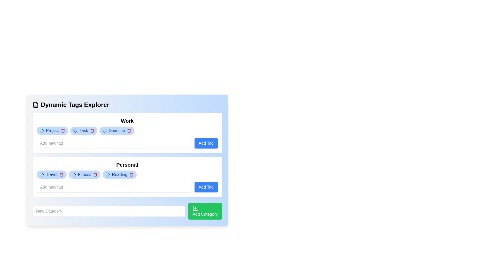  Describe the element at coordinates (131, 174) in the screenshot. I see `the red trash icon delete button located next to the 'Reading' tag under the 'Personal' category to potentially see additional effects or tooltips` at that location.